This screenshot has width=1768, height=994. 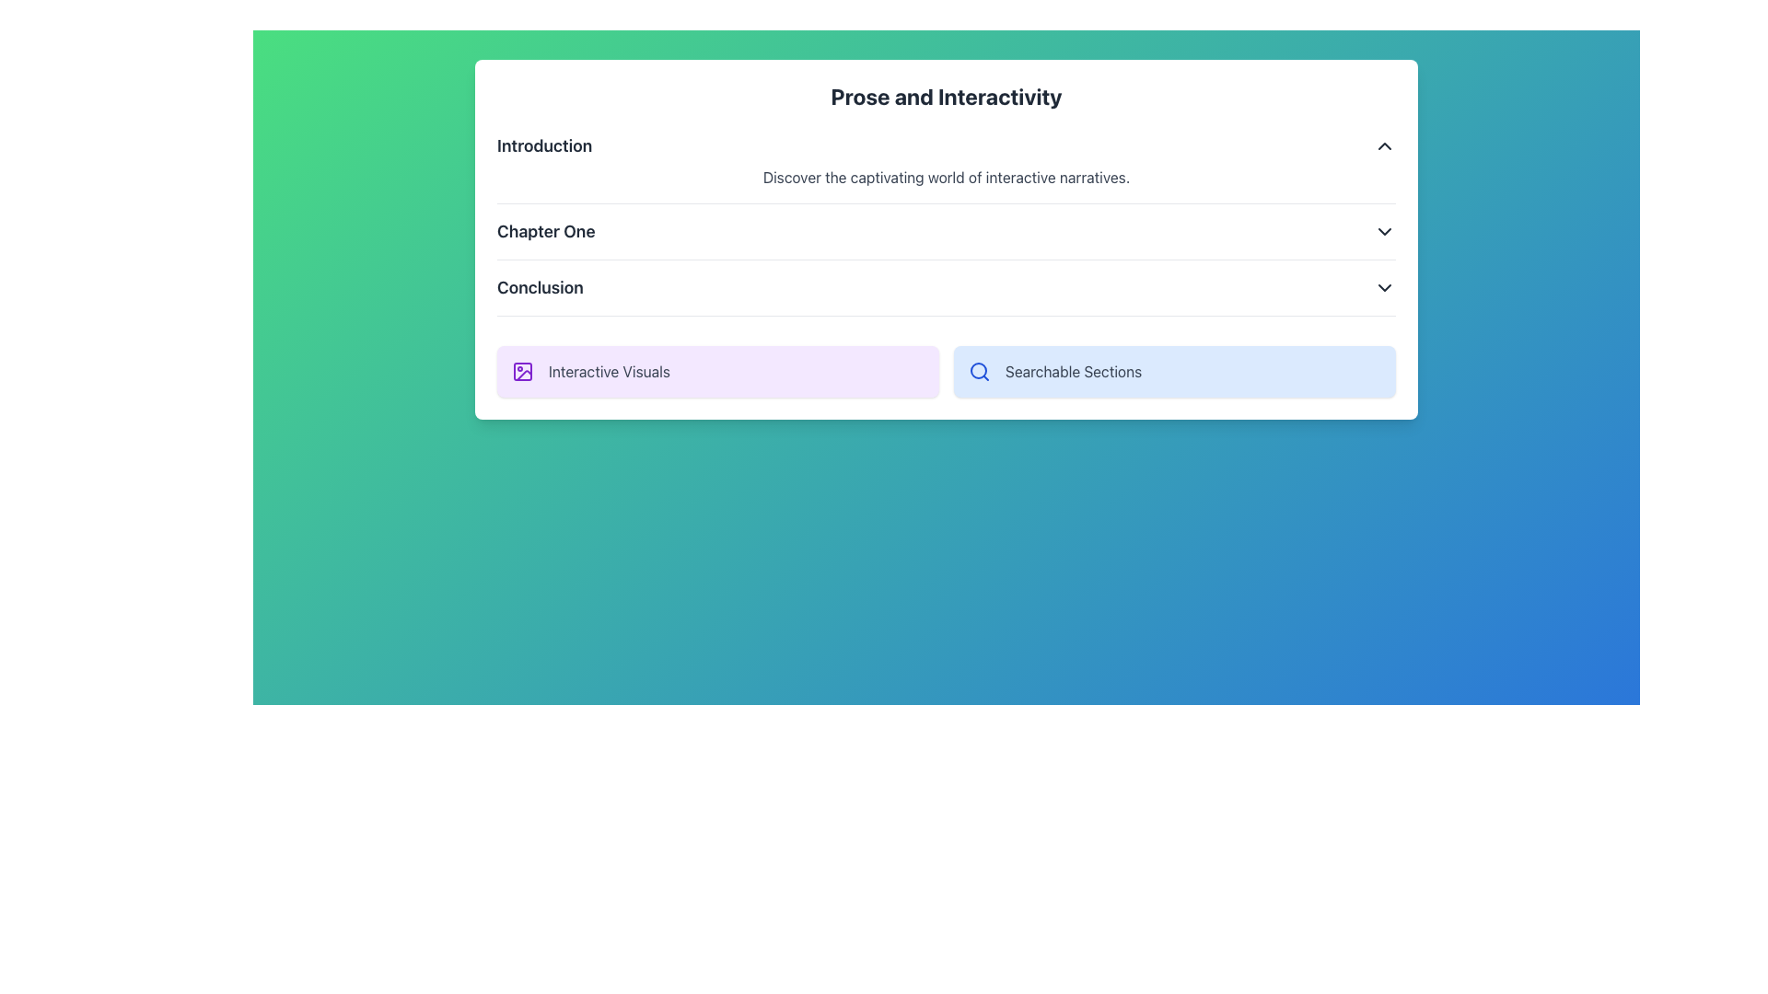 I want to click on the downward-pointing chevron icon in the 'Chapter One' header to receive visual feedback, so click(x=1384, y=230).